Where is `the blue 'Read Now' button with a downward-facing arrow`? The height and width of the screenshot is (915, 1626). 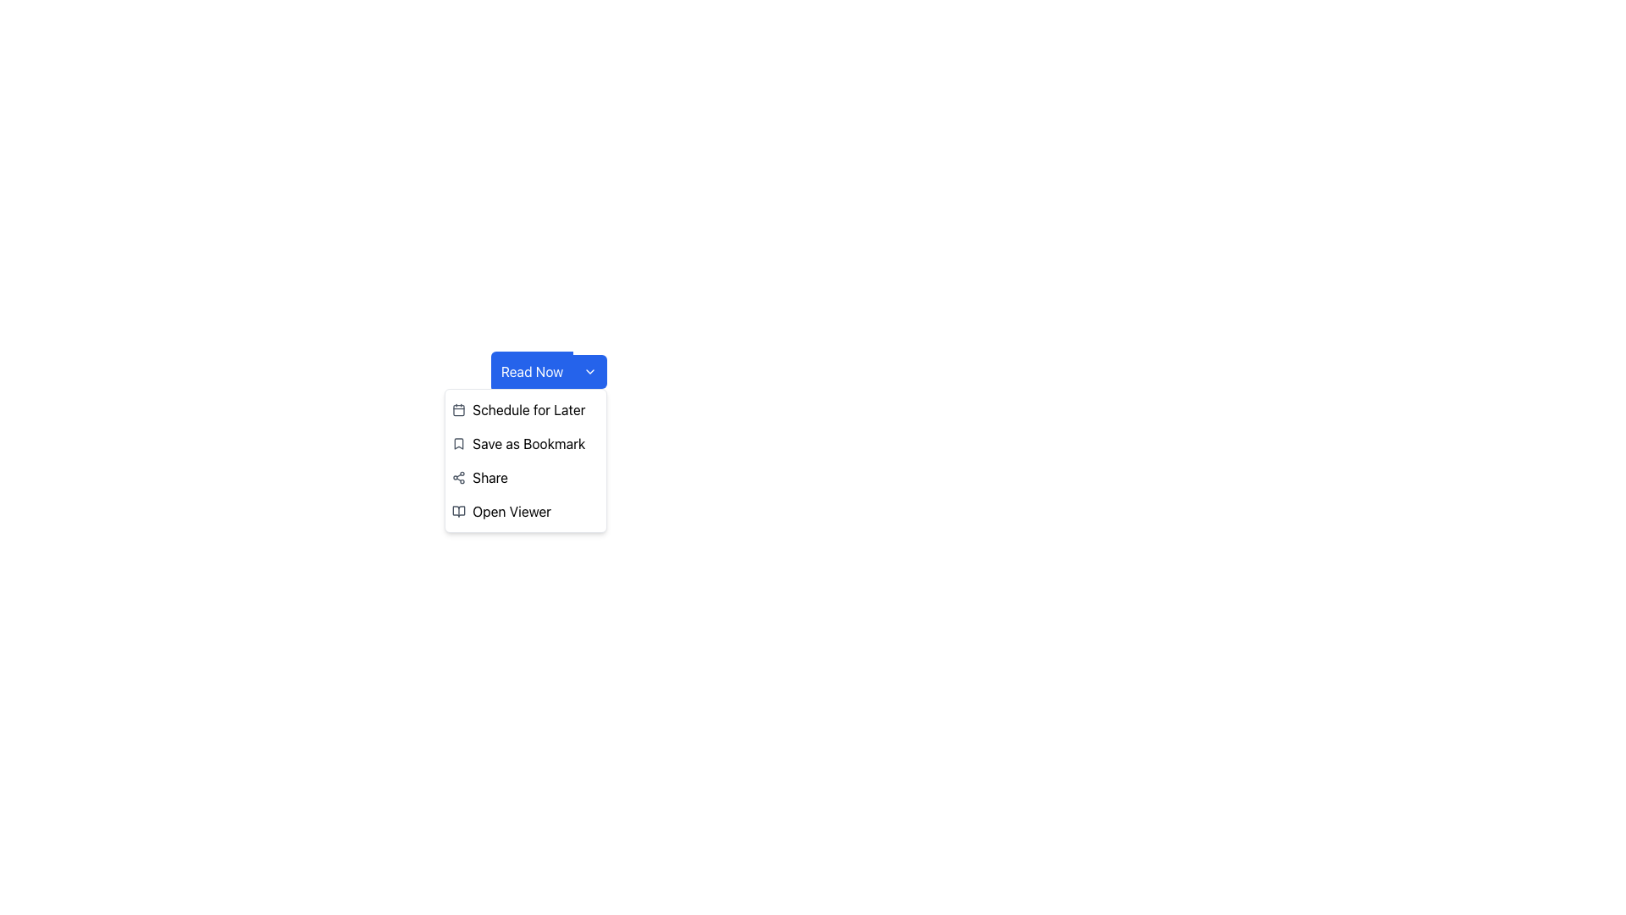 the blue 'Read Now' button with a downward-facing arrow is located at coordinates (549, 371).